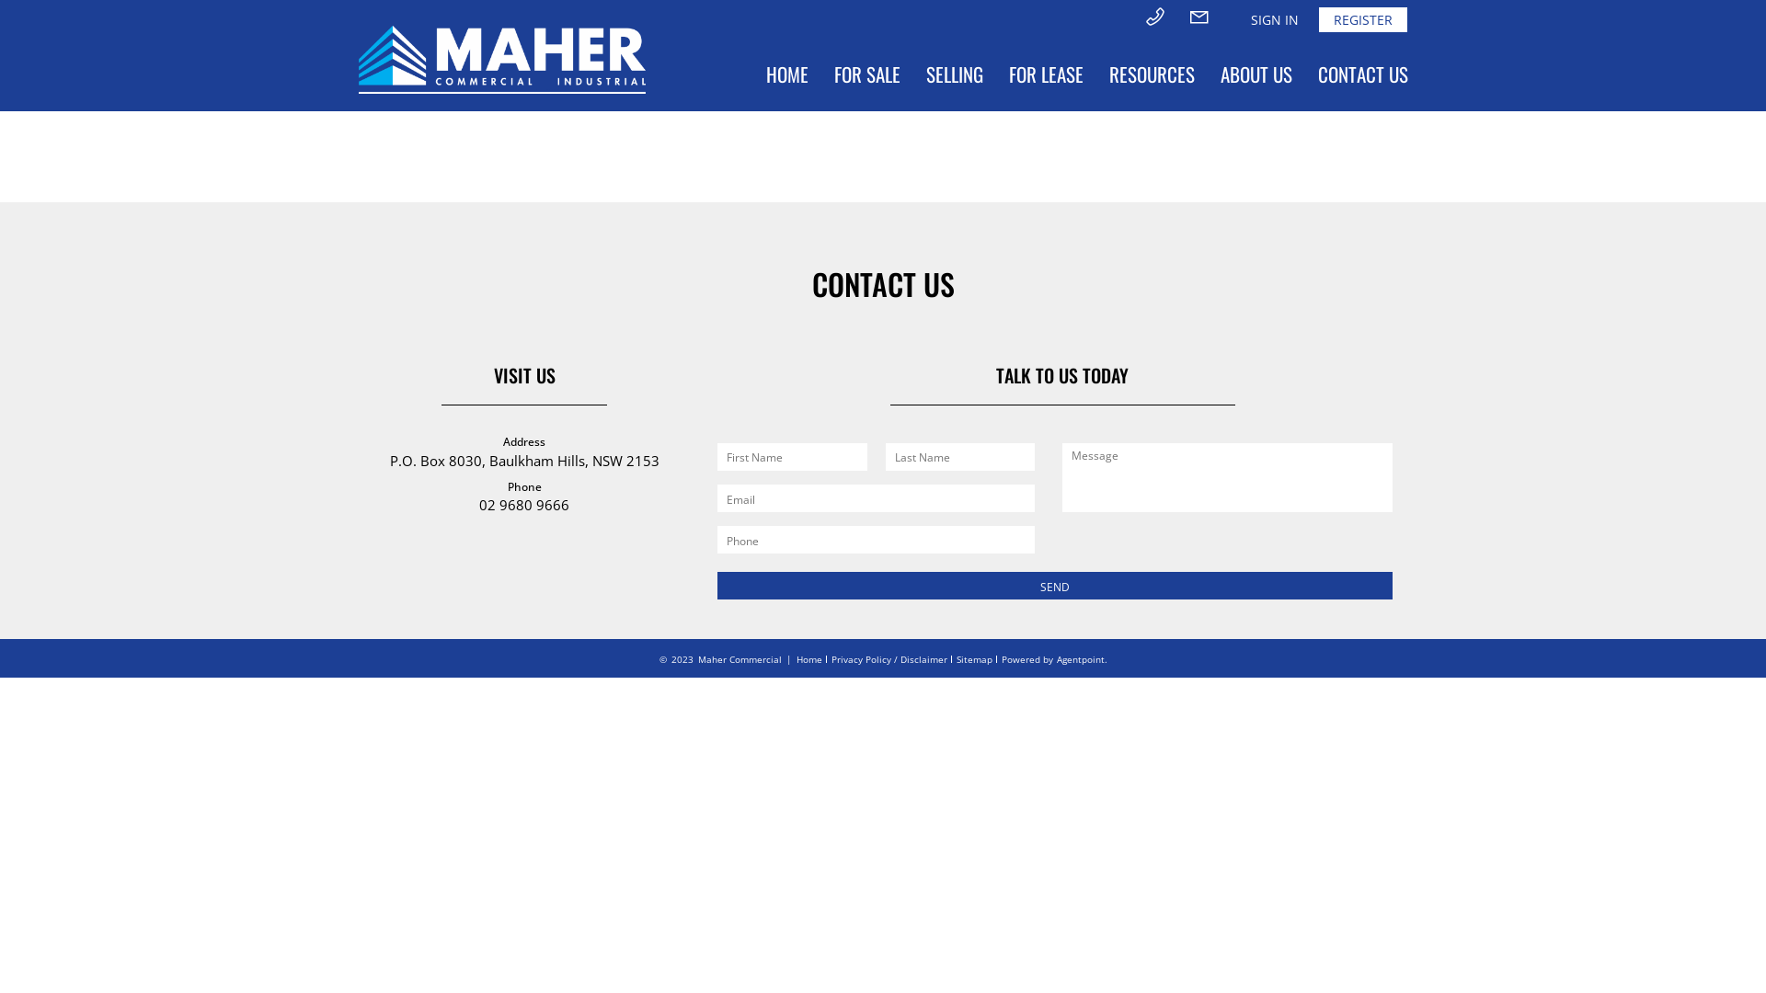 The image size is (1766, 993). I want to click on 'HOME', so click(786, 74).